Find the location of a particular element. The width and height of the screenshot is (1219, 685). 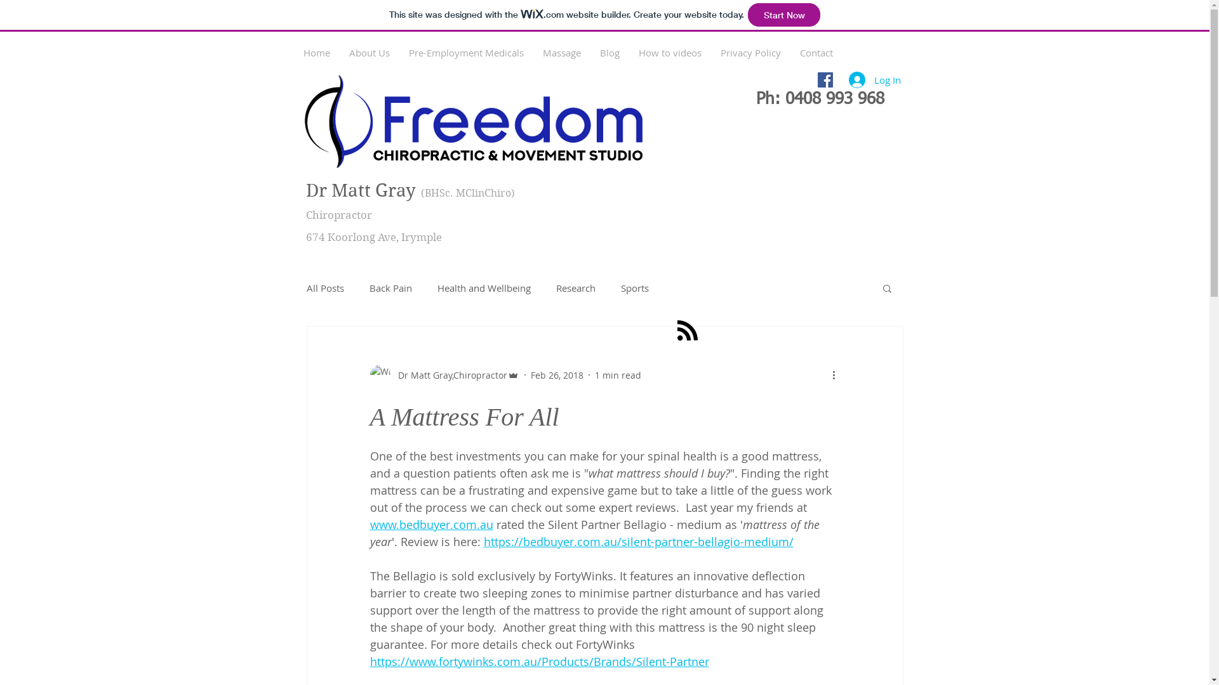

'Home' is located at coordinates (316, 52).